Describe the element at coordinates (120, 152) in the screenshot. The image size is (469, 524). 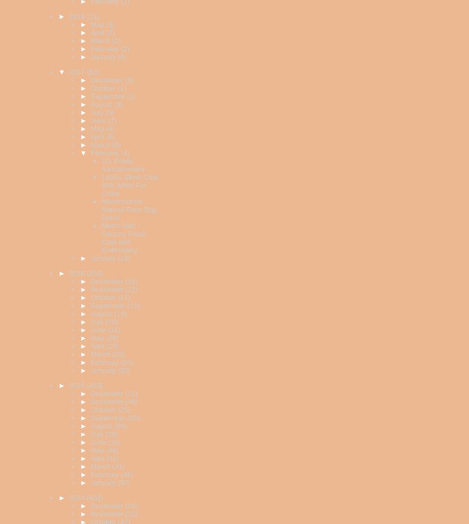
I see `'(4)'` at that location.